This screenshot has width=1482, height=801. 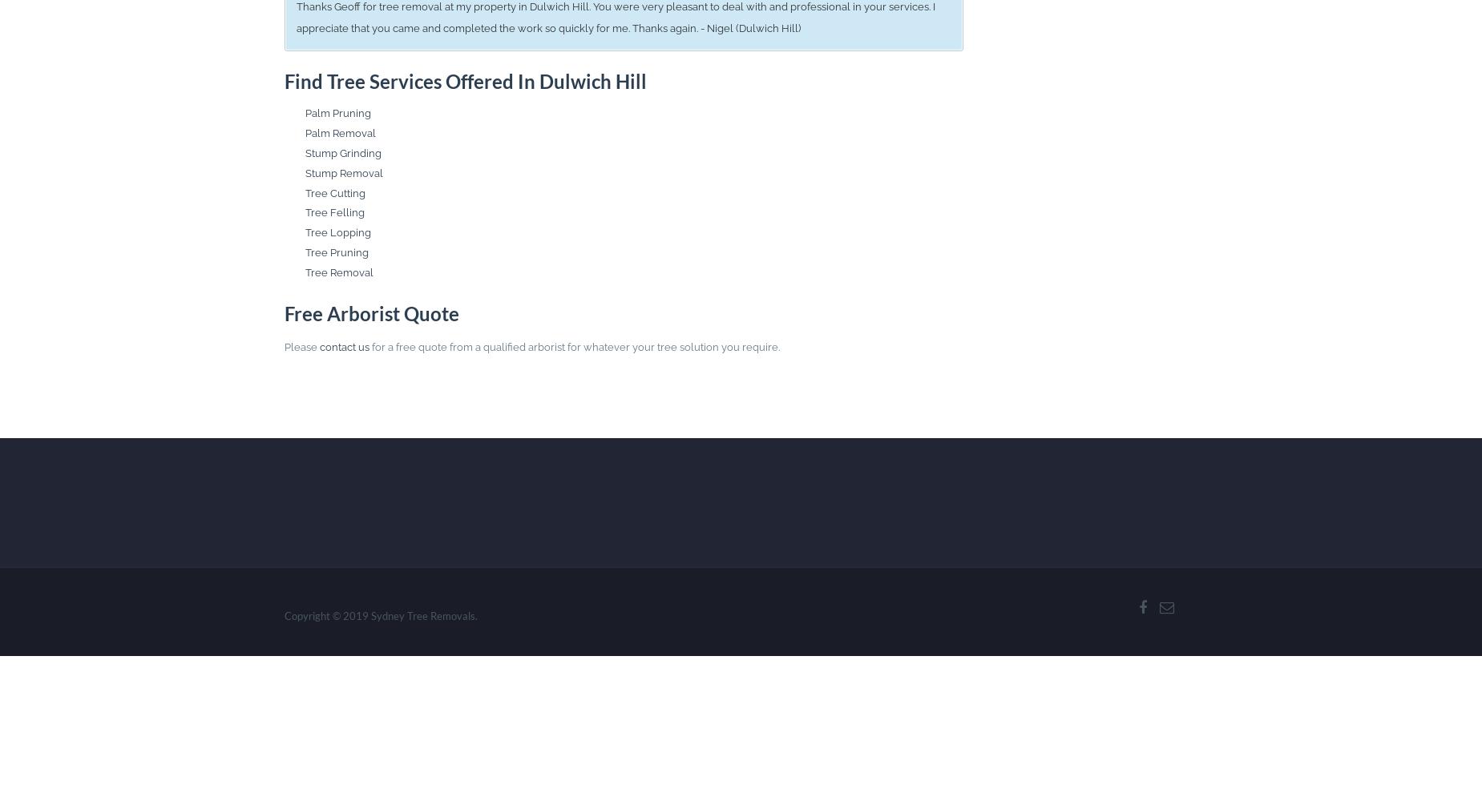 I want to click on 'Stump Removal', so click(x=342, y=171).